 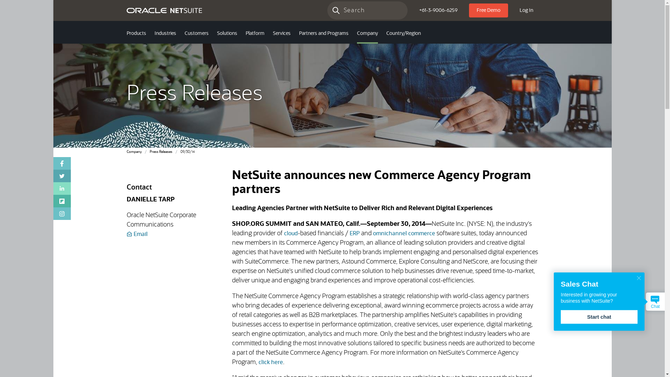 What do you see at coordinates (599, 317) in the screenshot?
I see `'Start chat'` at bounding box center [599, 317].